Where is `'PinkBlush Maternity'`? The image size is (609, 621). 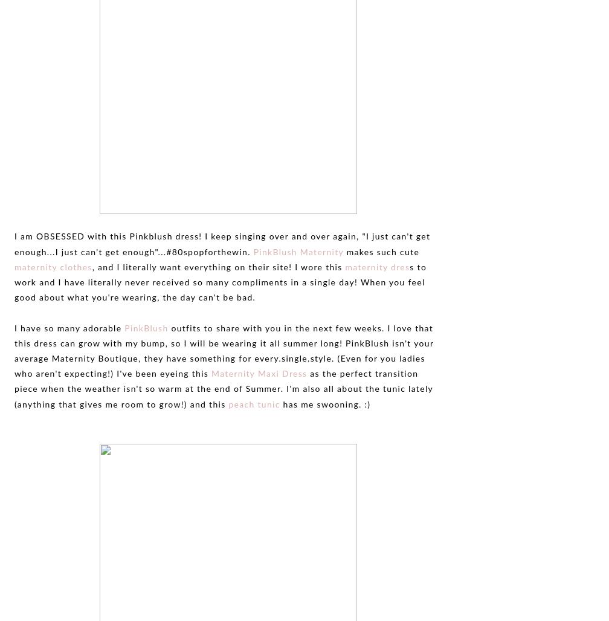 'PinkBlush Maternity' is located at coordinates (298, 251).